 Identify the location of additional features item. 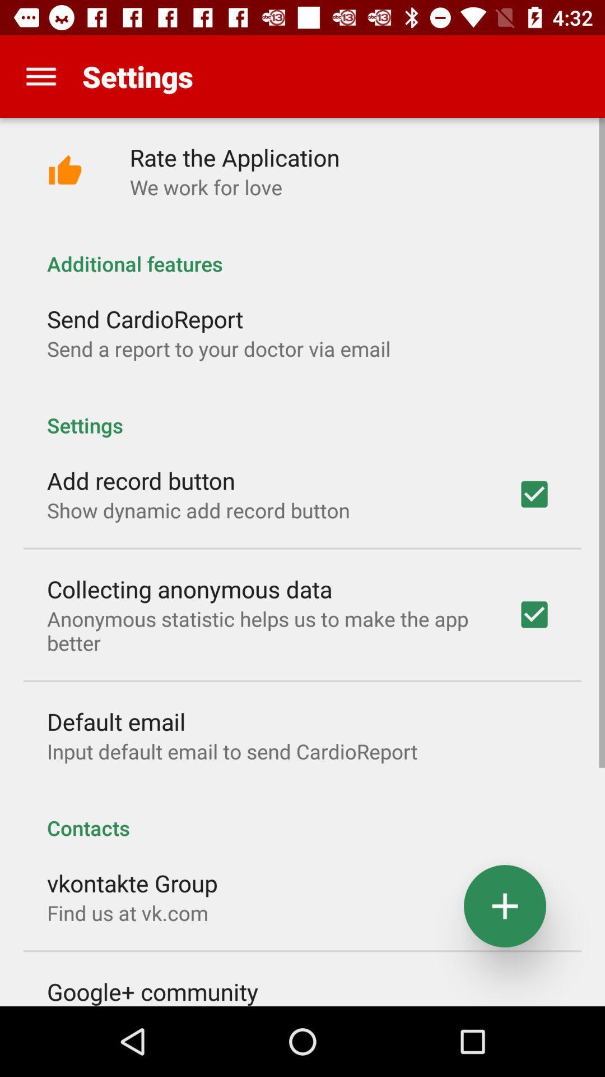
(302, 251).